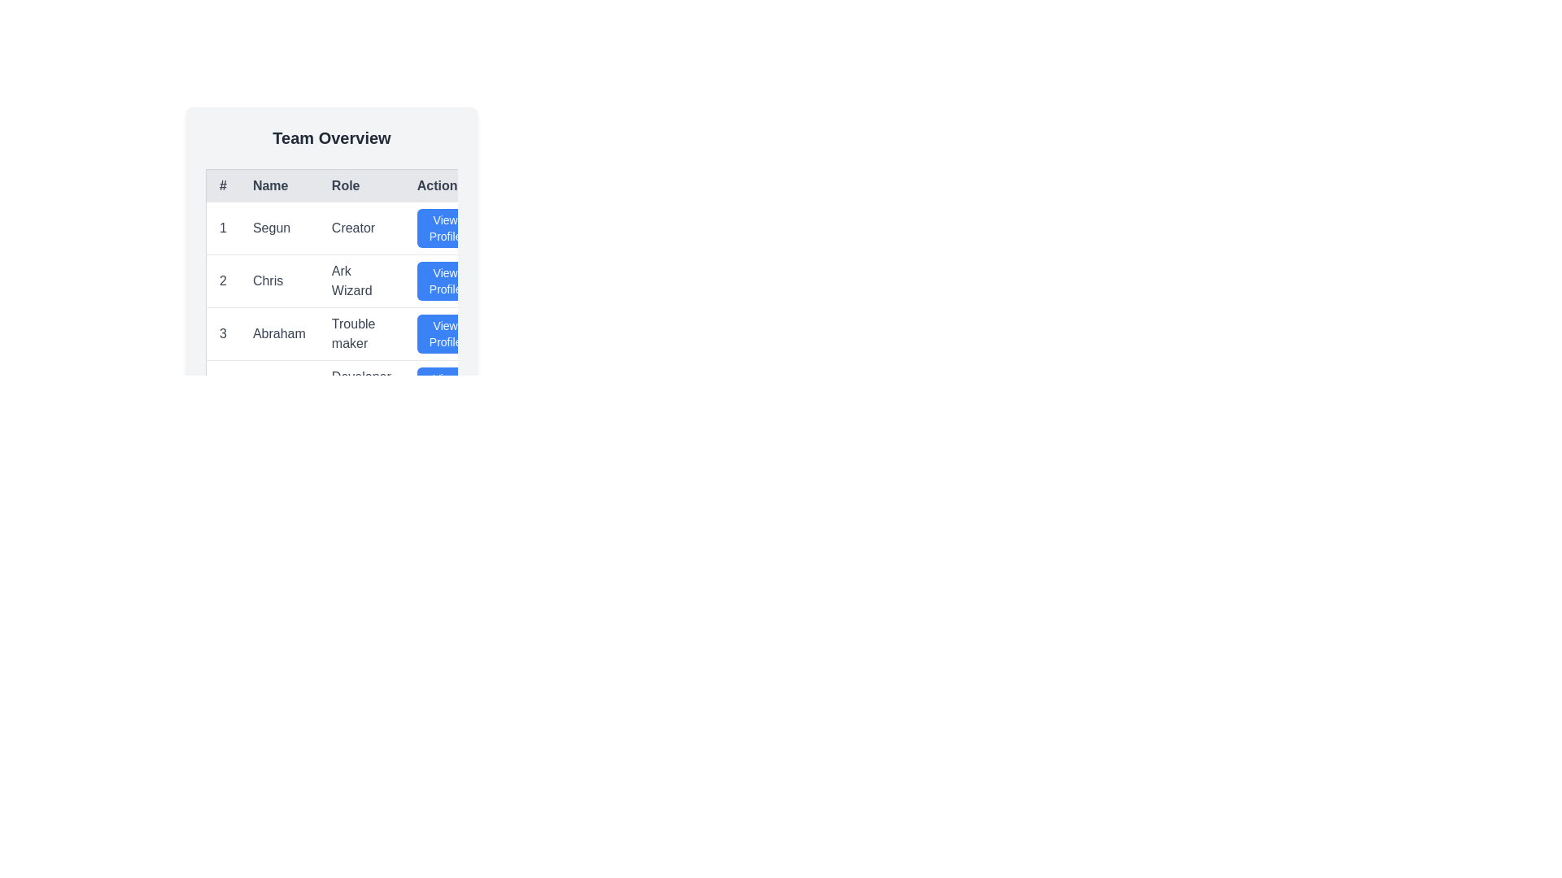  What do you see at coordinates (353, 280) in the screenshot?
I see `the row in the data table that displays information about Chris, the Ark Wizard, which is the second row in the list` at bounding box center [353, 280].